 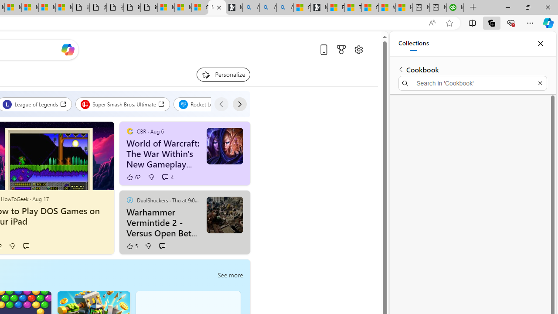 I want to click on 'CBR', so click(x=129, y=131).